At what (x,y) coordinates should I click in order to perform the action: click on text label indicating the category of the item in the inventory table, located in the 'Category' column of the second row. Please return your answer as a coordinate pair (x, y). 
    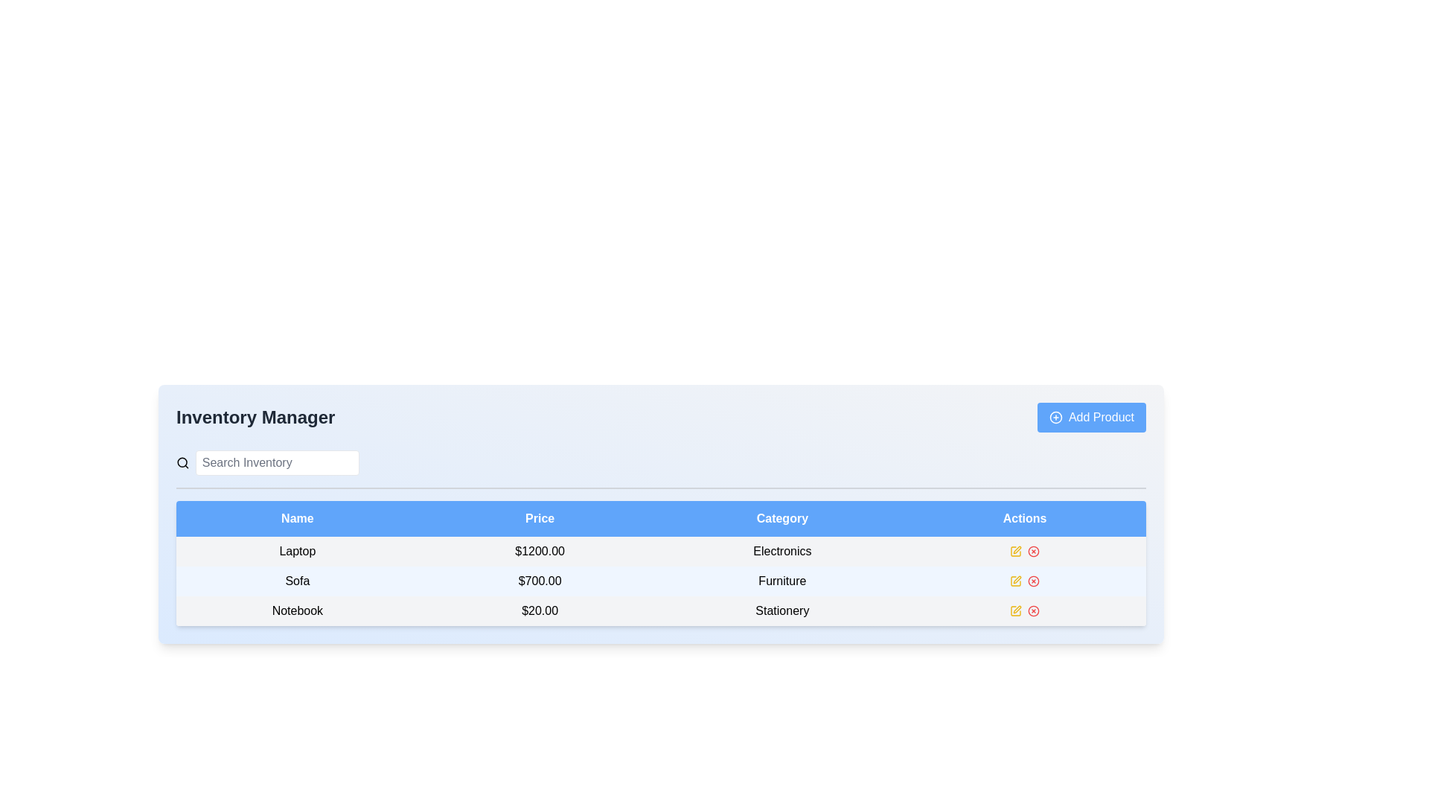
    Looking at the image, I should click on (781, 580).